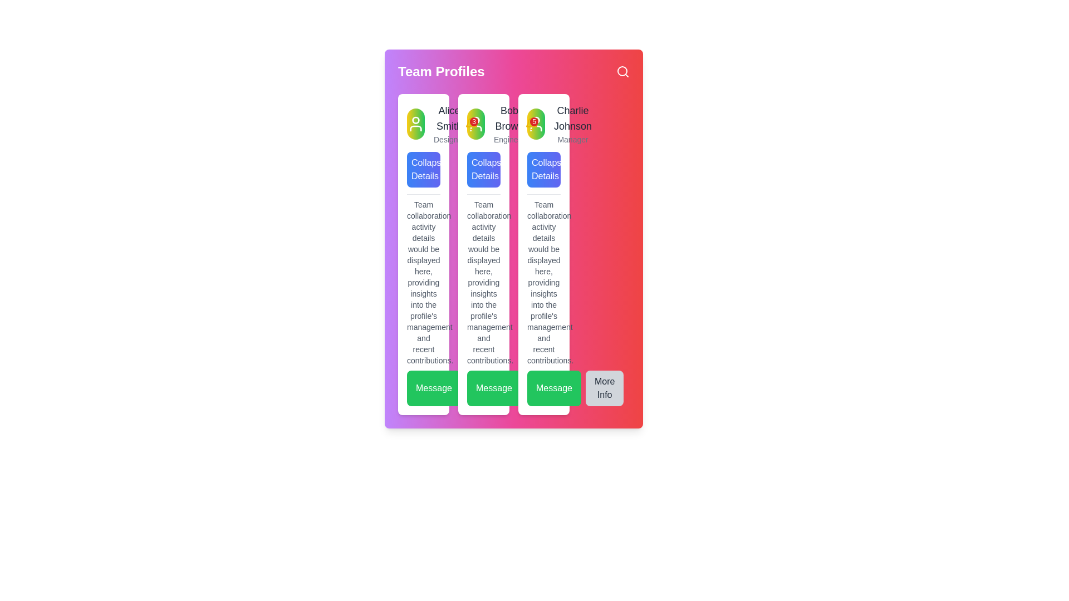 The height and width of the screenshot is (601, 1069). What do you see at coordinates (604, 388) in the screenshot?
I see `the 'More Info' button, which is a rectangular button with rounded corners, grey background, and the text 'More Info' centered within it, located to the right of the 'Message' button` at bounding box center [604, 388].